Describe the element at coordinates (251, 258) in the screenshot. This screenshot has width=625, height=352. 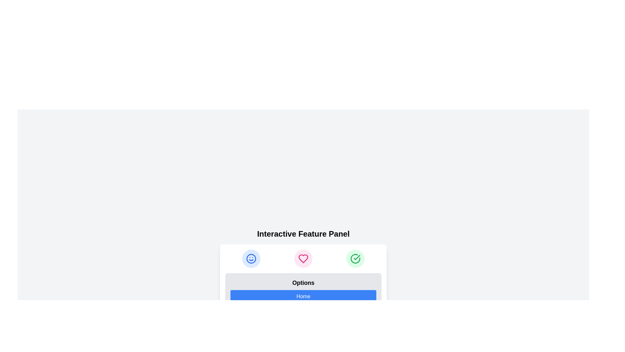
I see `the smiley icon button with a blue outline located in the top-left corner of the Interactive Feature Panel` at that location.